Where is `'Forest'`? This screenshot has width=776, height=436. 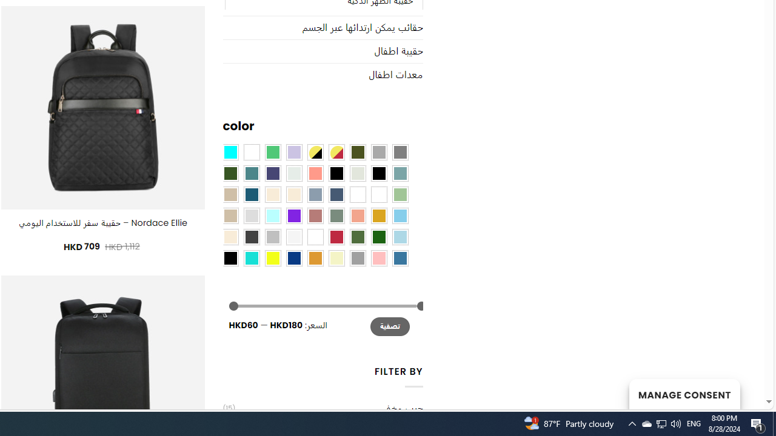
'Forest' is located at coordinates (230, 173).